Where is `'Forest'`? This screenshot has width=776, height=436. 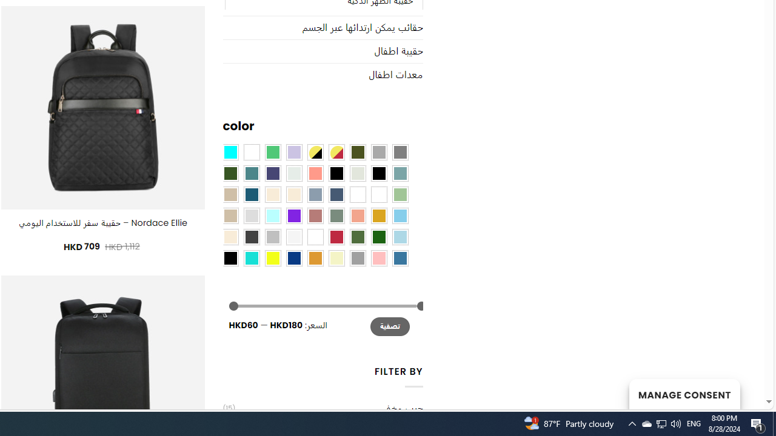
'Forest' is located at coordinates (230, 173).